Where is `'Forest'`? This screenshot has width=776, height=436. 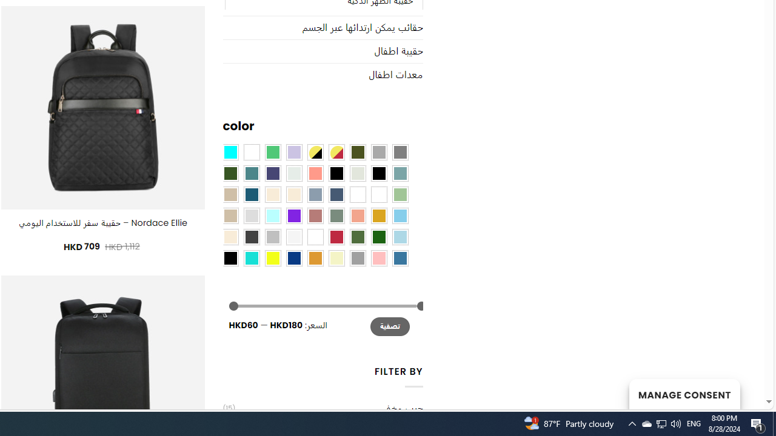
'Forest' is located at coordinates (230, 173).